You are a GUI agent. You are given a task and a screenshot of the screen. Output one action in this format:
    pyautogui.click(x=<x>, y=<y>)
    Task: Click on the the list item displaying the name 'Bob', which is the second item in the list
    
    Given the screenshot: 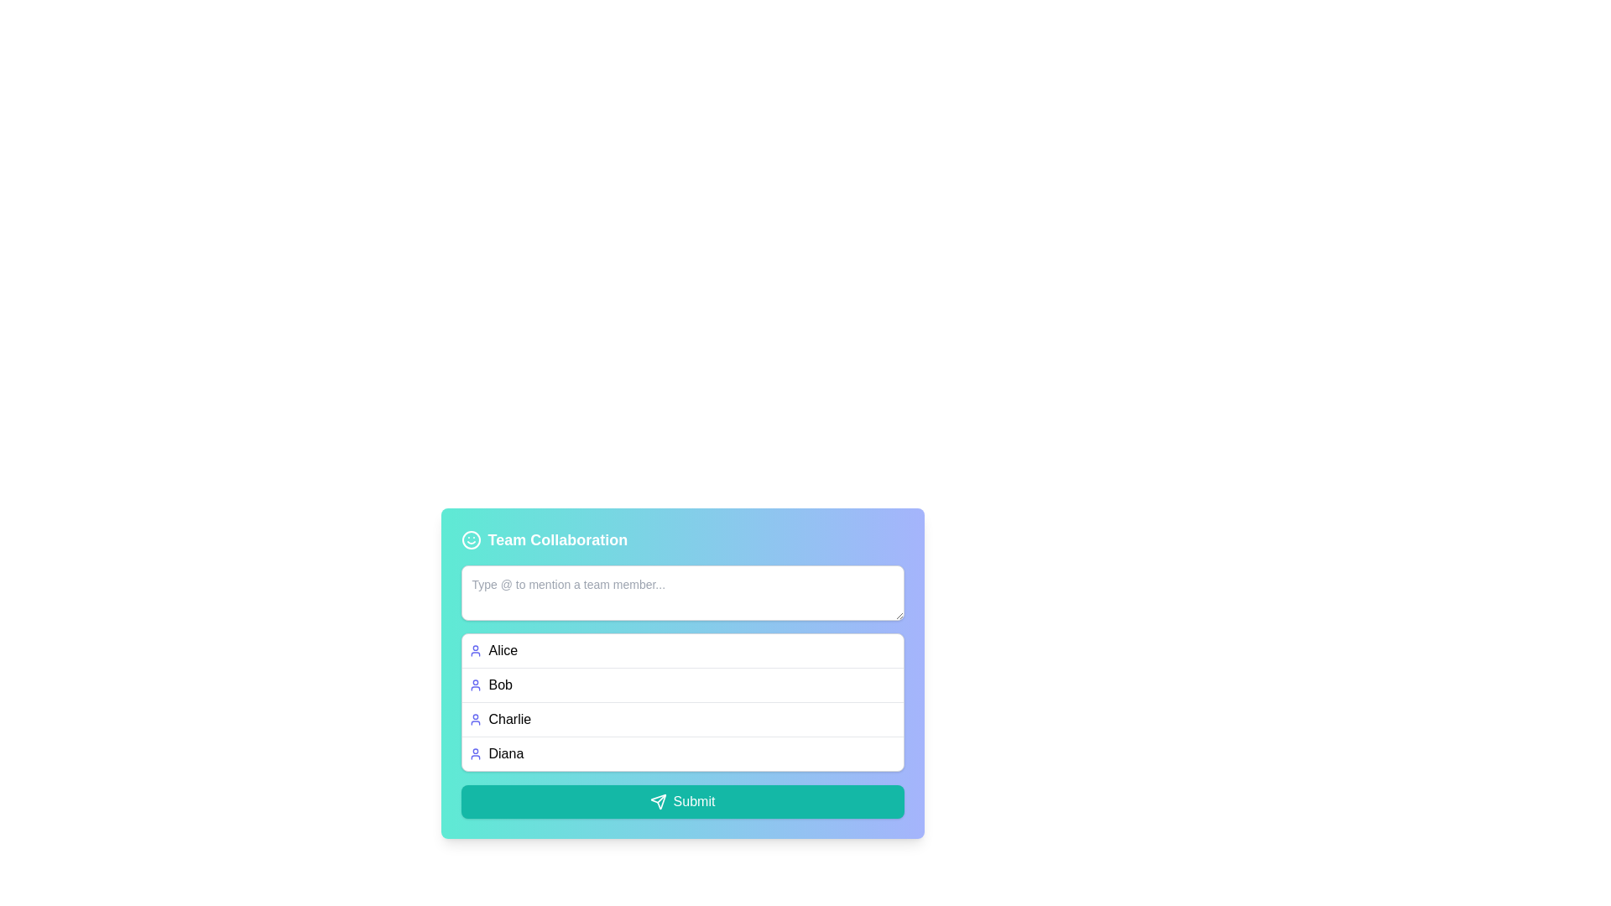 What is the action you would take?
    pyautogui.click(x=682, y=685)
    